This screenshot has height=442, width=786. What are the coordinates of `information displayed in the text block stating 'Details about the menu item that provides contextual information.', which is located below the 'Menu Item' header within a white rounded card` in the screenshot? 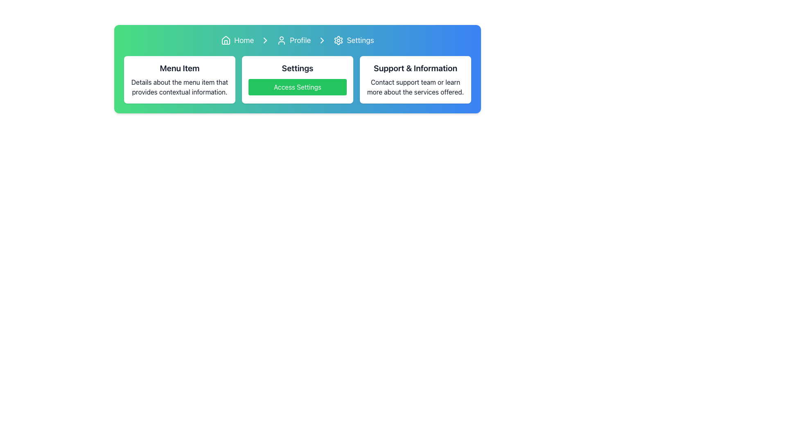 It's located at (179, 87).